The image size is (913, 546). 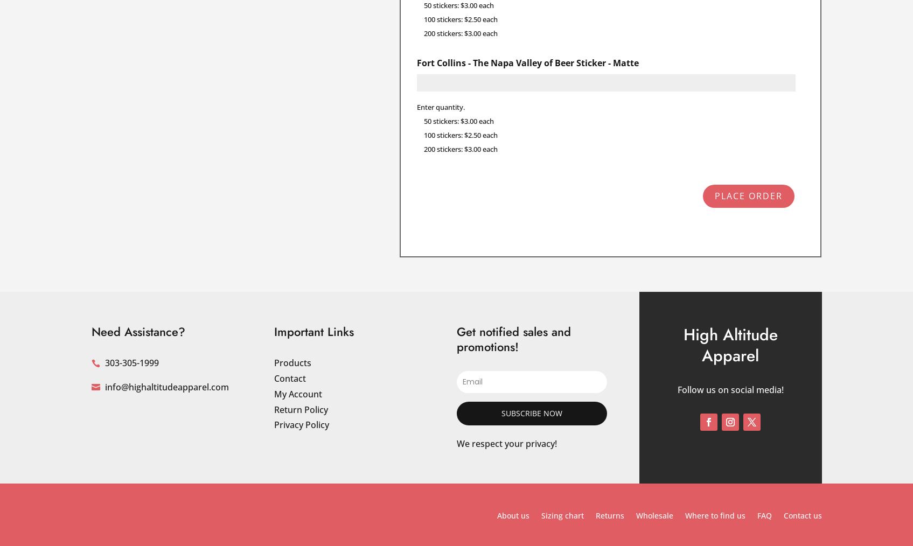 I want to click on 'Returns', so click(x=609, y=515).